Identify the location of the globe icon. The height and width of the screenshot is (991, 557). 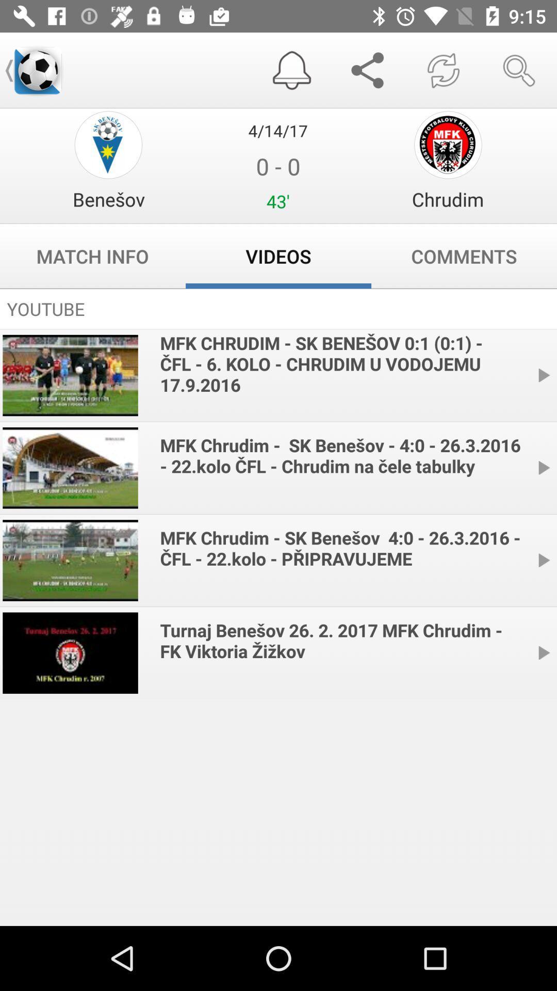
(447, 144).